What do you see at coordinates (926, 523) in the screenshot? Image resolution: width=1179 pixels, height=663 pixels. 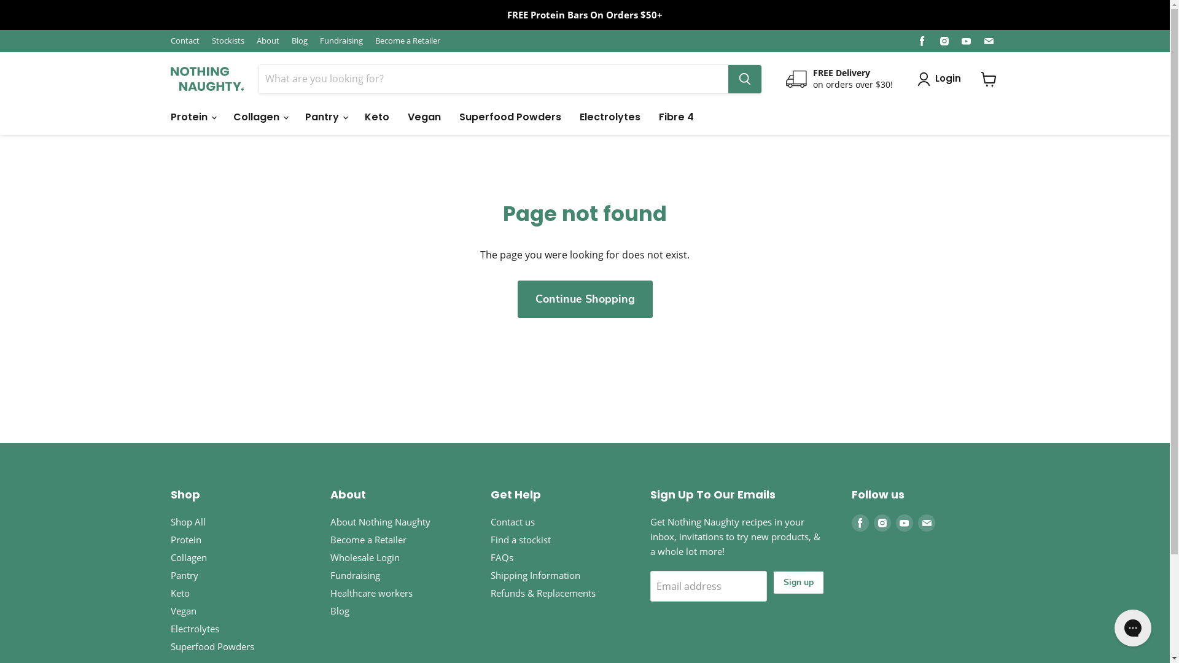 I see `'Find us on Email'` at bounding box center [926, 523].